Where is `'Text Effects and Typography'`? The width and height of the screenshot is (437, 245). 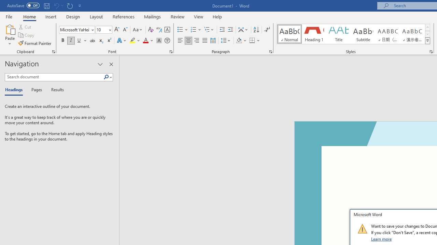 'Text Effects and Typography' is located at coordinates (122, 40).